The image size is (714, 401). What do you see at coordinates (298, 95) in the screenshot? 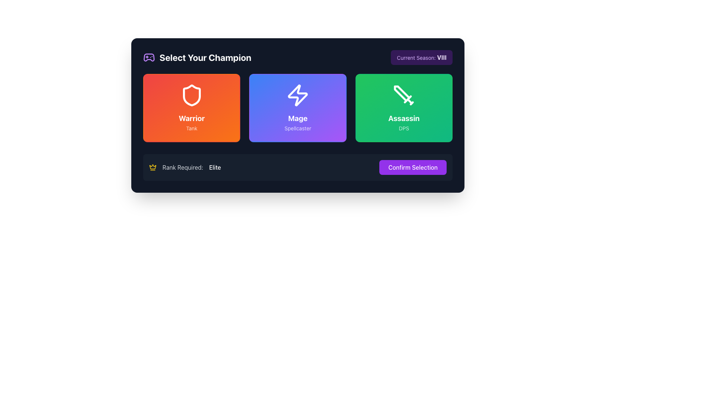
I see `the lightning bolt icon representing the 'Mage' class selection` at bounding box center [298, 95].